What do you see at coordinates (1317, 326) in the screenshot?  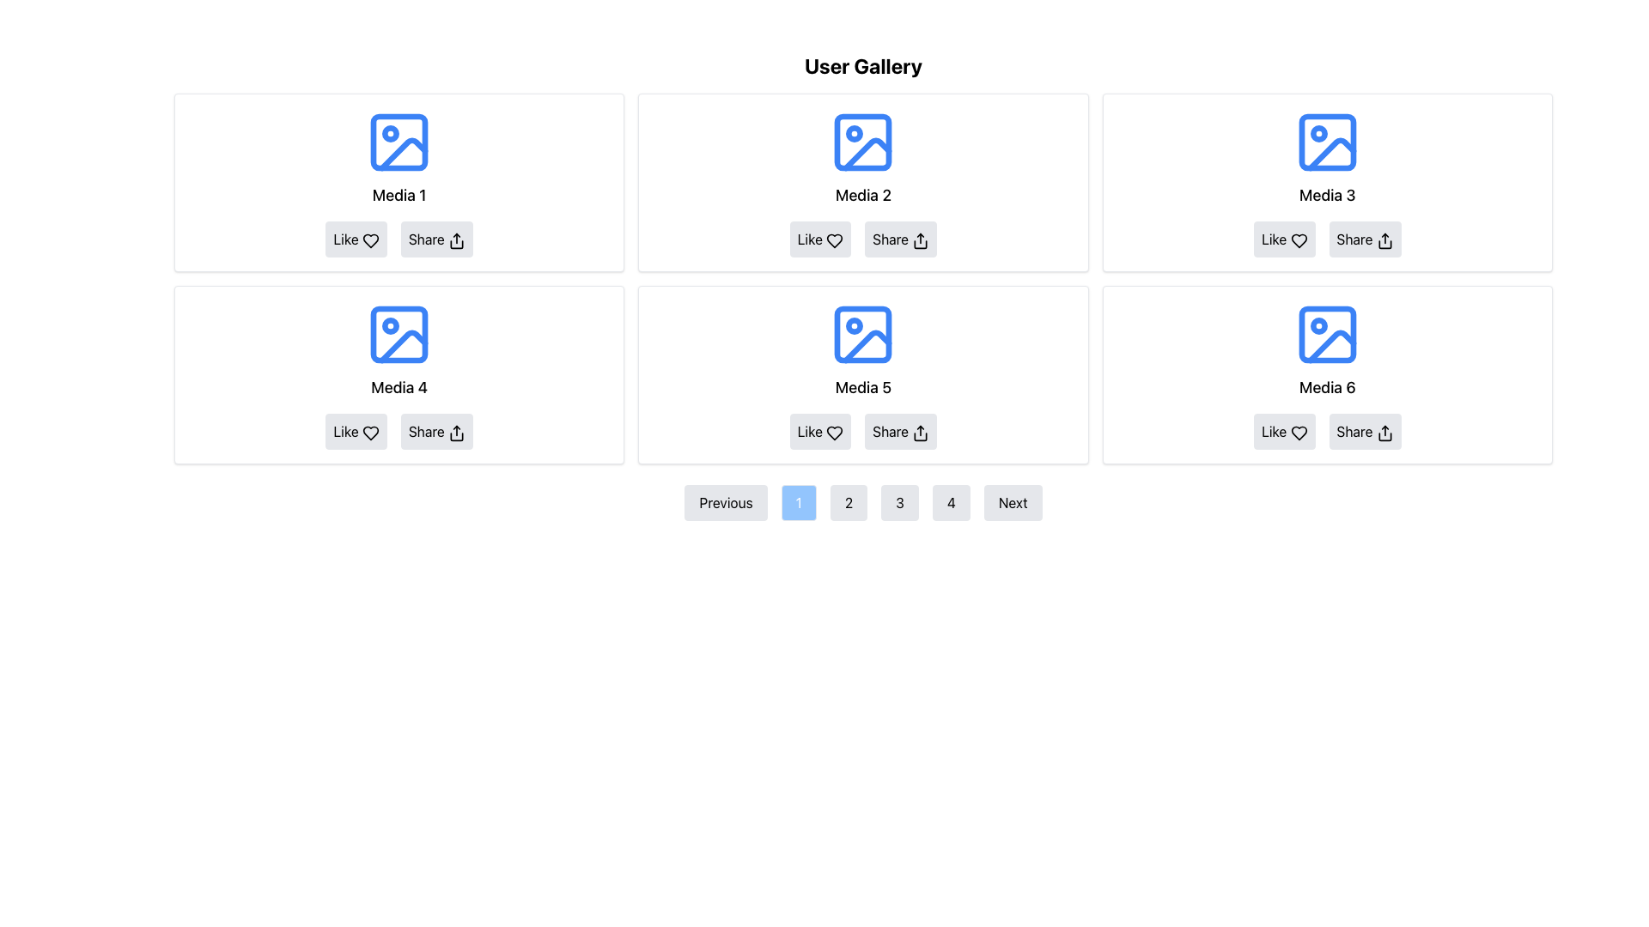 I see `the small circular dot within the blue-framed icon representing an image, located in the top right portion of the icon for item 'Media 6' in the media gallery` at bounding box center [1317, 326].